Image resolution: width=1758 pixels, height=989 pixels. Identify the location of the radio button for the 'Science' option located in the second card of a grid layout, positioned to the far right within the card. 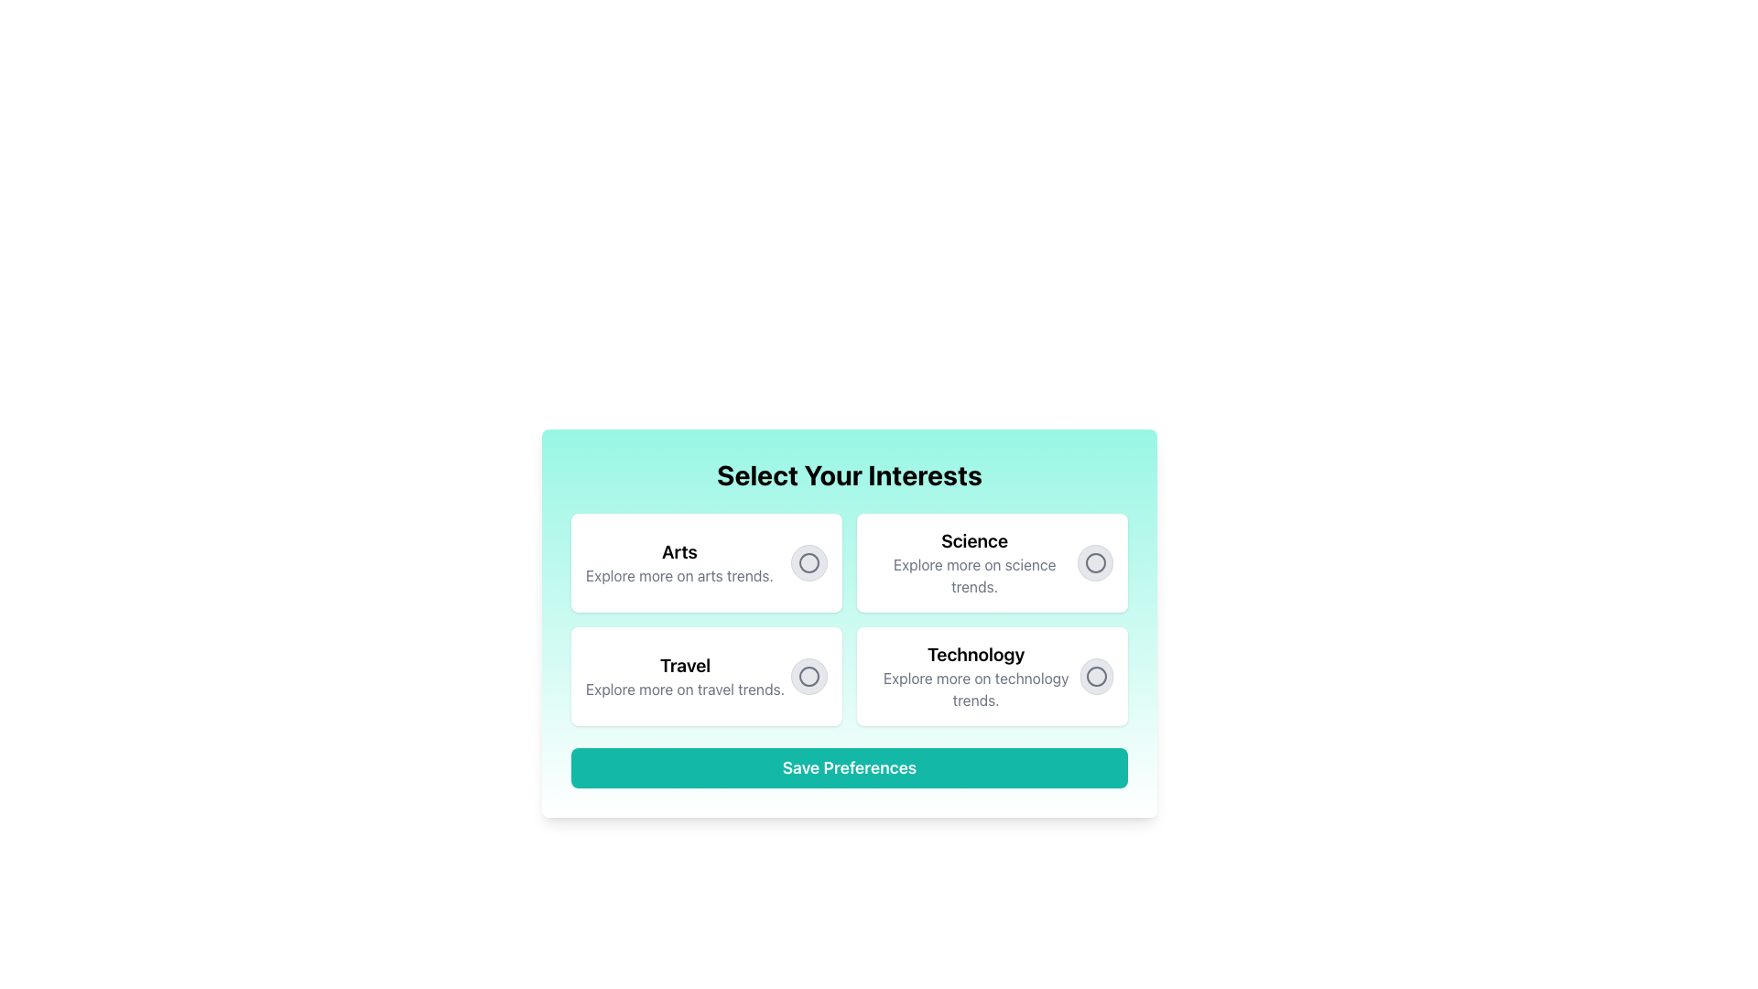
(1095, 561).